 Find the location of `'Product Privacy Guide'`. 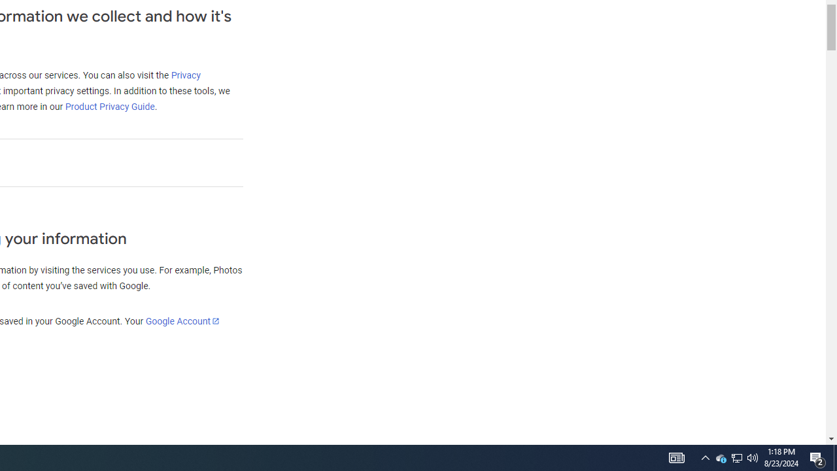

'Product Privacy Guide' is located at coordinates (109, 106).